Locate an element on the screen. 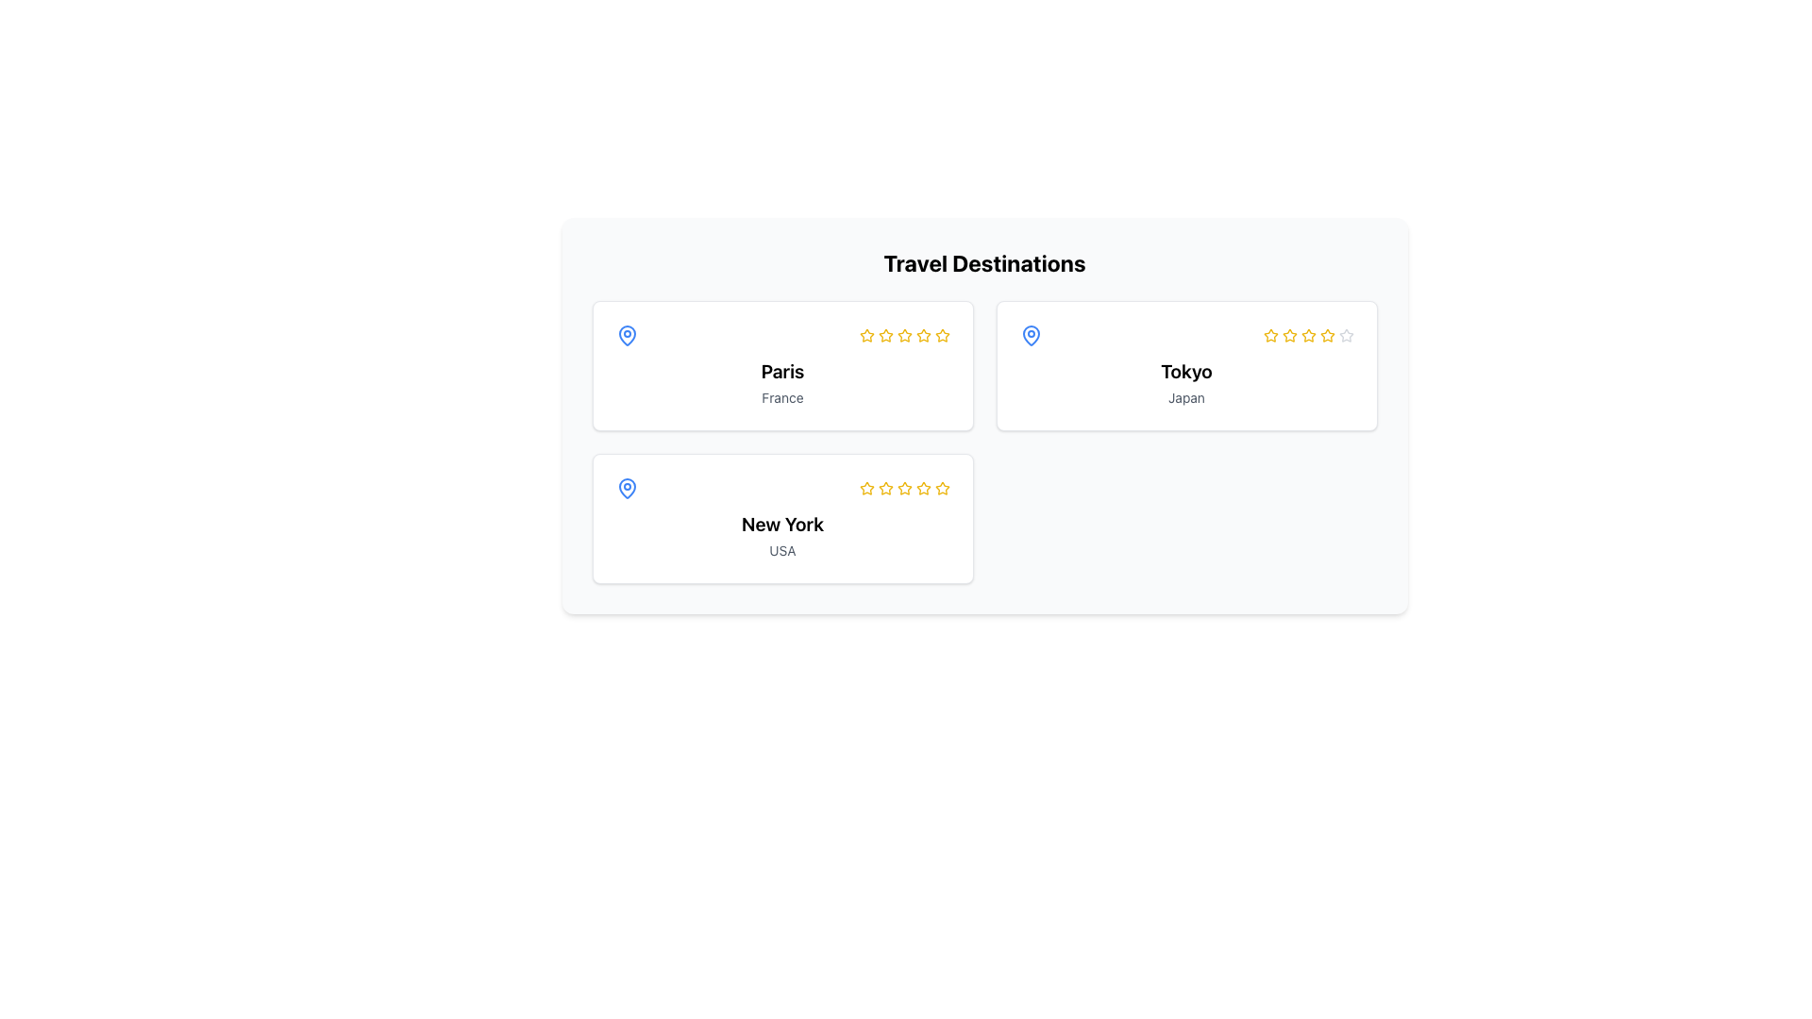 The width and height of the screenshot is (1812, 1019). the third star icon is located at coordinates (942, 334).